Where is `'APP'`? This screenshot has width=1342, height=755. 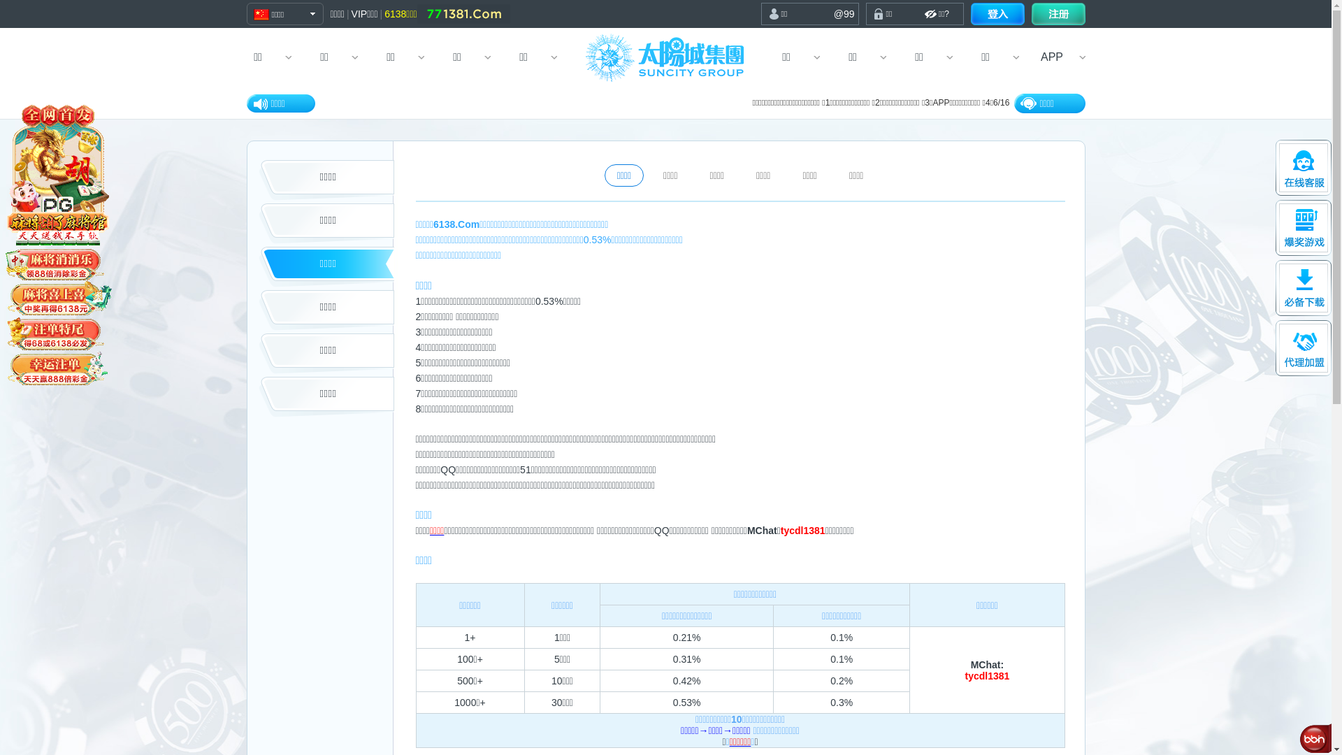
'APP' is located at coordinates (1052, 57).